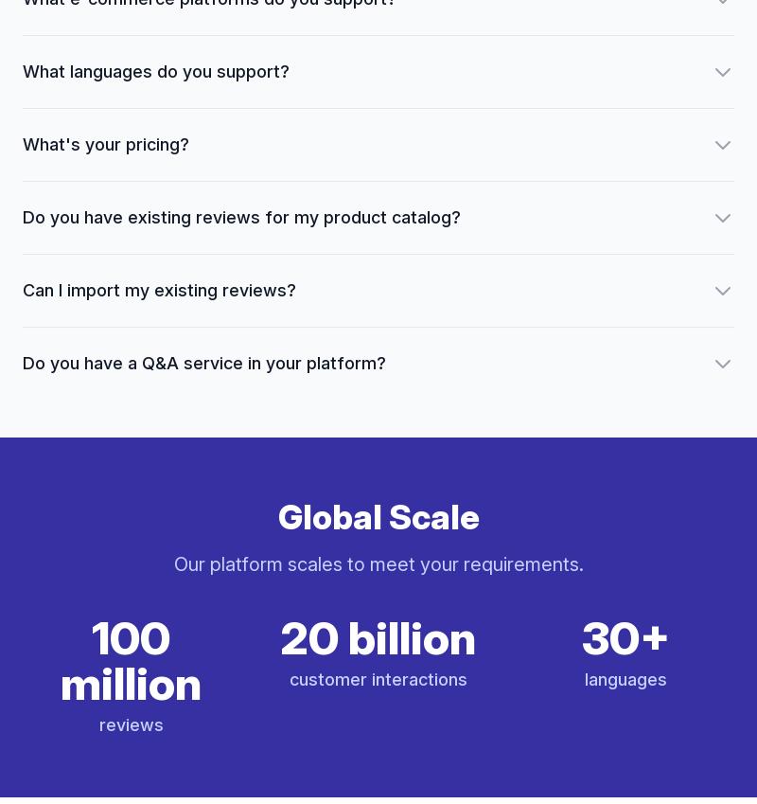 This screenshot has width=757, height=804. What do you see at coordinates (377, 516) in the screenshot?
I see `'Global Scale'` at bounding box center [377, 516].